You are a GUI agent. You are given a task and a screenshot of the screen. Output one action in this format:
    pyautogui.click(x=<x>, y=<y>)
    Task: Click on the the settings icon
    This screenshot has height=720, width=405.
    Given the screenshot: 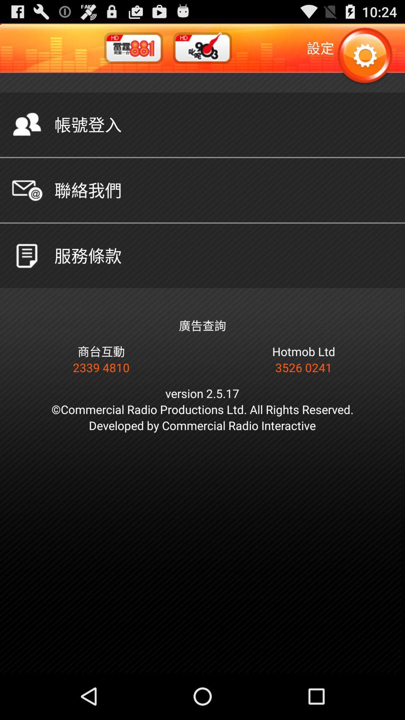 What is the action you would take?
    pyautogui.click(x=364, y=60)
    